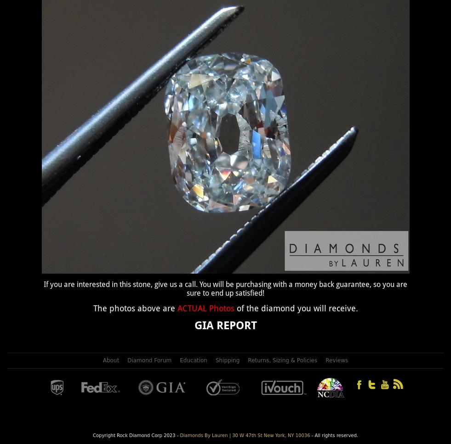 This screenshot has height=444, width=451. What do you see at coordinates (297, 308) in the screenshot?
I see `'of the diamond you will receive.'` at bounding box center [297, 308].